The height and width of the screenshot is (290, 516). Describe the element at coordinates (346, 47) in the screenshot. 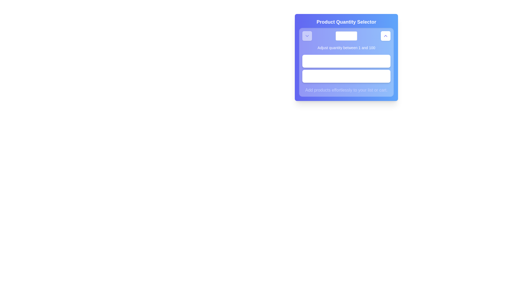

I see `the informational text label that guides the user on adjusting a quantity value within the range of 1 to 100, positioned below the numeric input field and above the 'Add to Cart' and 'Add to Wishlist' buttons` at that location.